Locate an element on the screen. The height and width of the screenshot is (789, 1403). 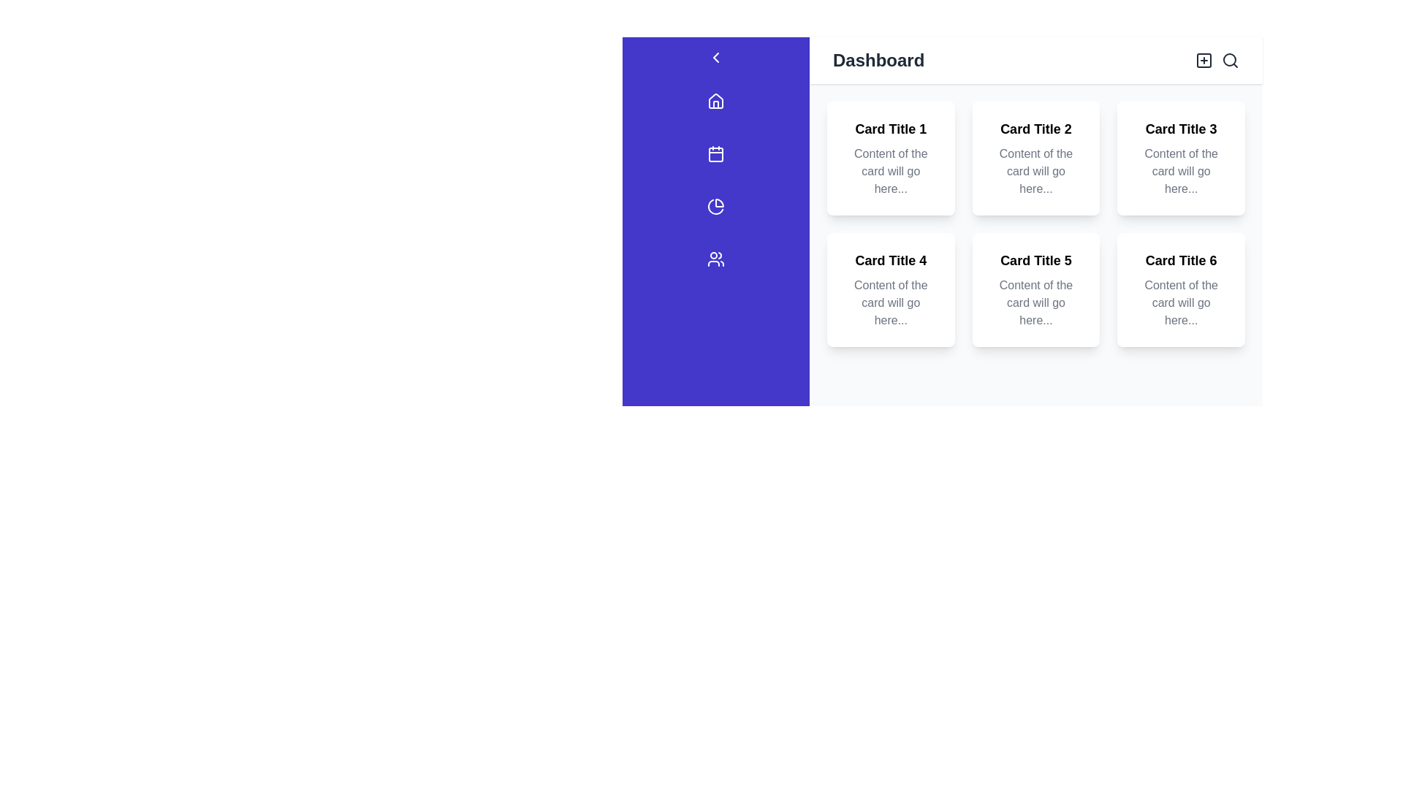
the title static text in the top section of the sixth card located in the second row and third column of the grid is located at coordinates (1181, 260).